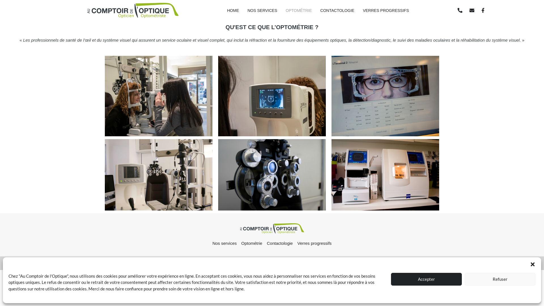 This screenshot has width=544, height=306. I want to click on 'Accepter', so click(426, 279).